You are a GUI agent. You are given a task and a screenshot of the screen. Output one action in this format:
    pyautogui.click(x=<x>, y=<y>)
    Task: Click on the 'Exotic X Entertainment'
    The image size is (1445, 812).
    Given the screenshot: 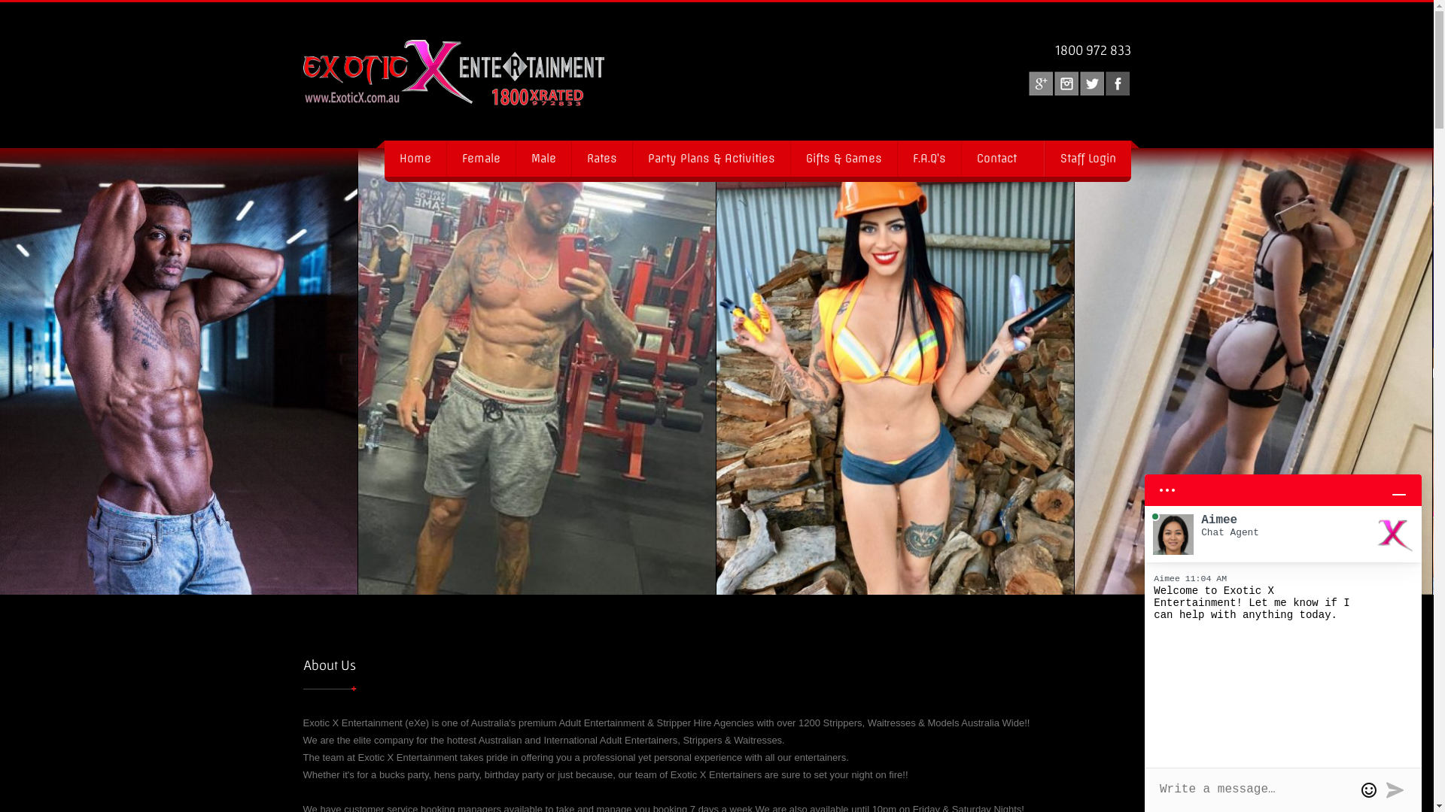 What is the action you would take?
    pyautogui.click(x=425, y=75)
    